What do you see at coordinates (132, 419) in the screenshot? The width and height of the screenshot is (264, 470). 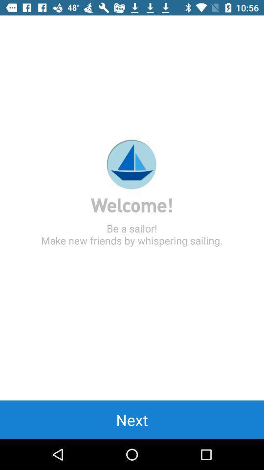 I see `icon below be a sailor` at bounding box center [132, 419].